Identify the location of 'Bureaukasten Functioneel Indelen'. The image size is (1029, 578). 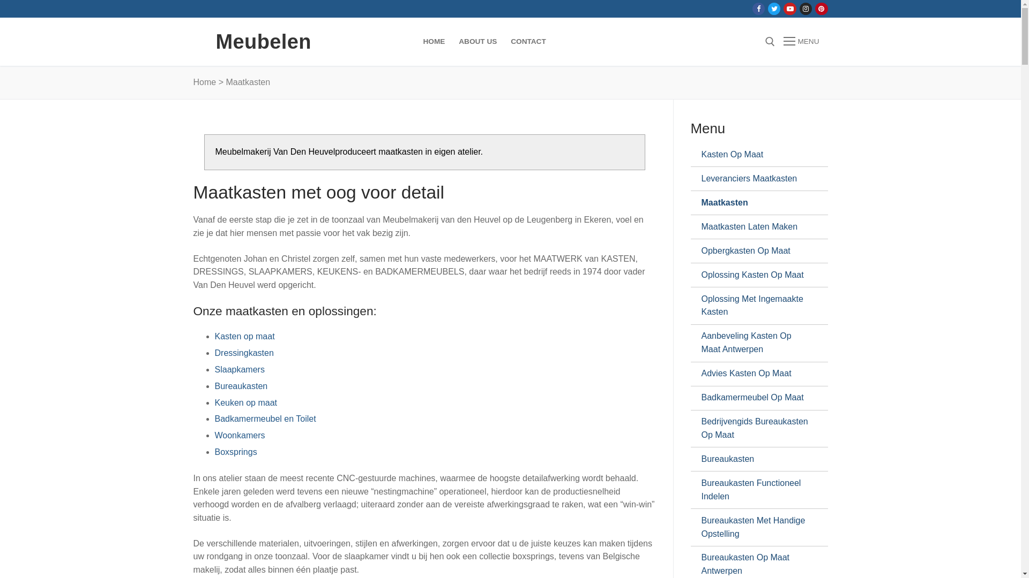
(754, 490).